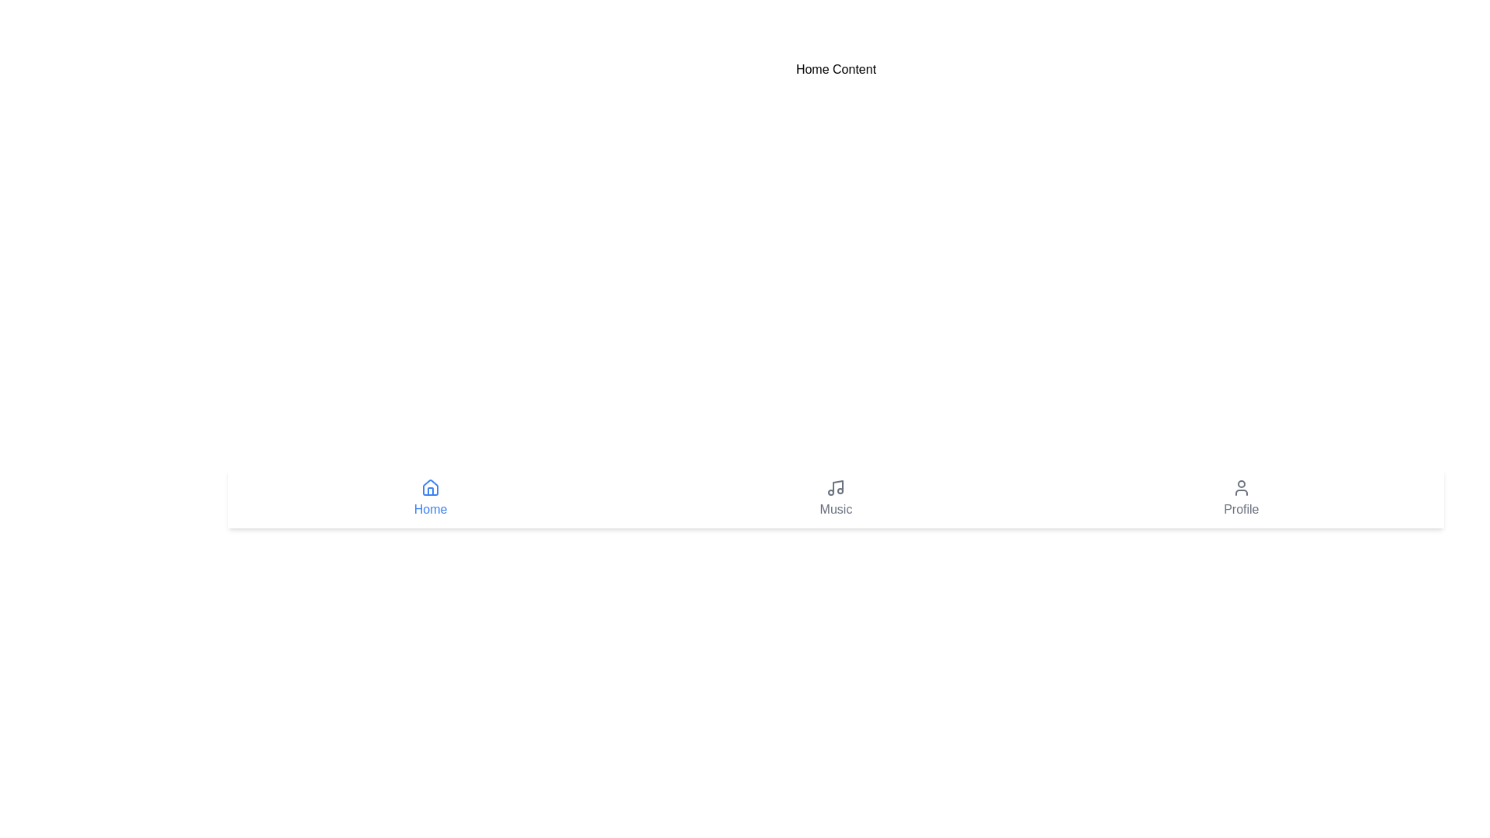  What do you see at coordinates (1240, 487) in the screenshot?
I see `the user profile icon located in the 'Profile' navigation item at the bottom of the interface, which is represented by a simplistic outline of a person` at bounding box center [1240, 487].